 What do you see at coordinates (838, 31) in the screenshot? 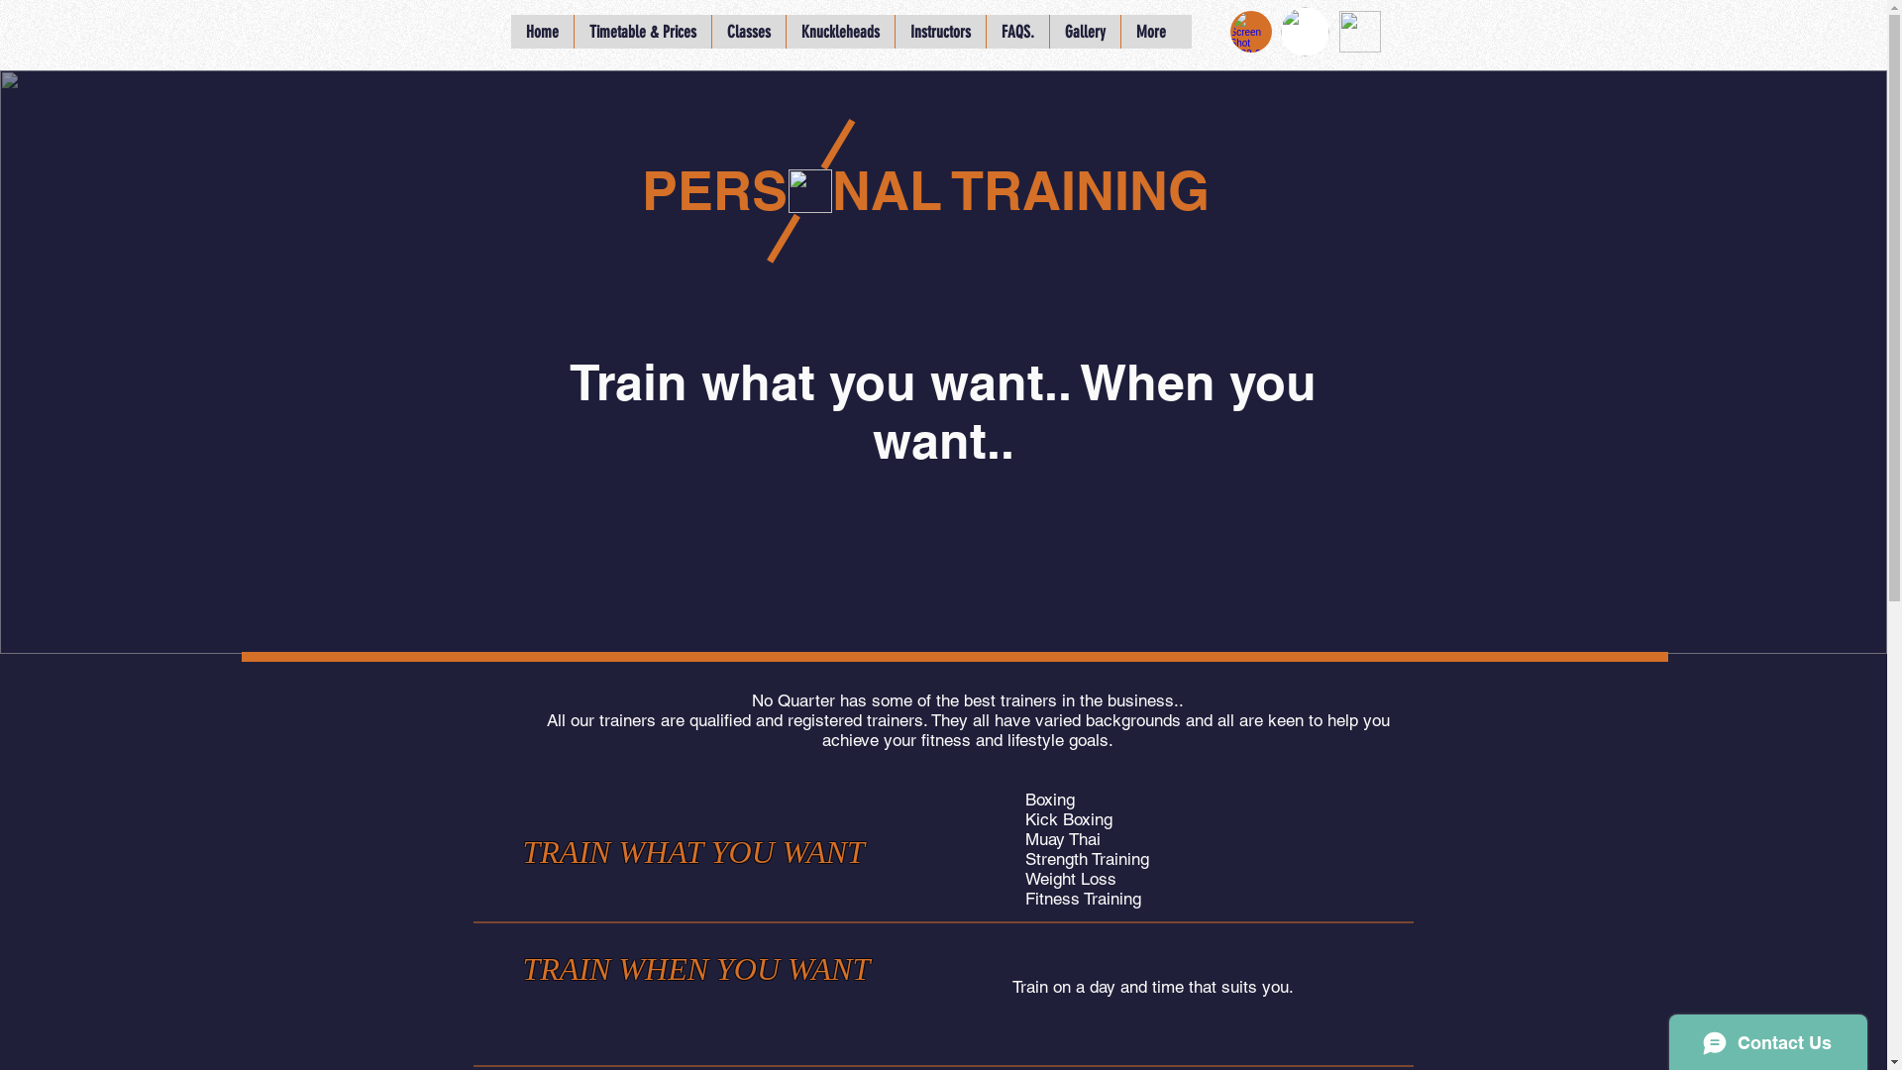
I see `'Knuckleheads'` at bounding box center [838, 31].